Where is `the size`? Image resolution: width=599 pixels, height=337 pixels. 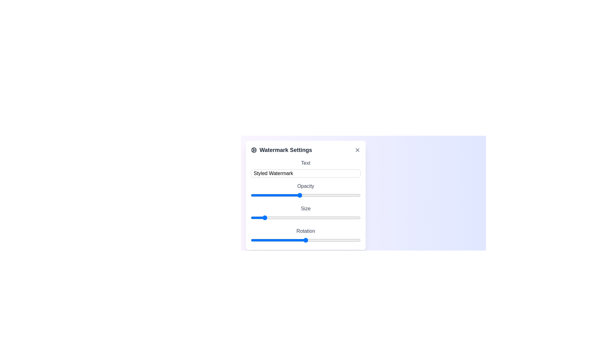
the size is located at coordinates (299, 217).